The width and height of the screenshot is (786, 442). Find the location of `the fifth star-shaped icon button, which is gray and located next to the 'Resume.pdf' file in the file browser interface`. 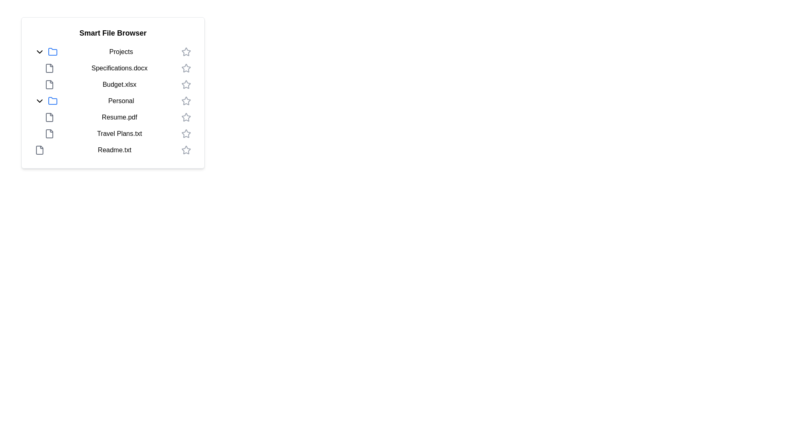

the fifth star-shaped icon button, which is gray and located next to the 'Resume.pdf' file in the file browser interface is located at coordinates (186, 117).